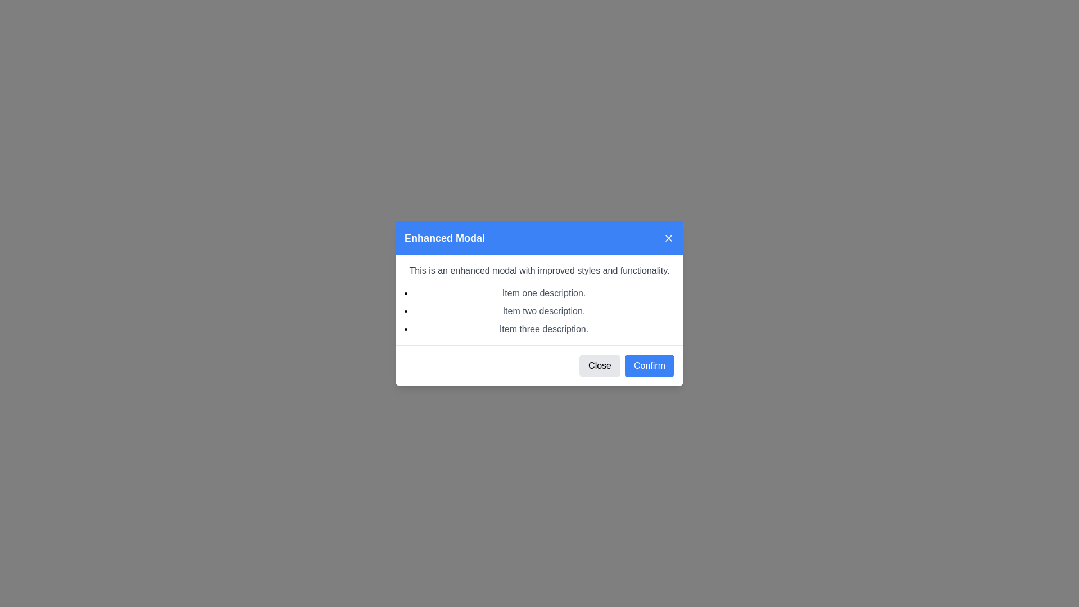 The width and height of the screenshot is (1079, 607). Describe the element at coordinates (669, 237) in the screenshot. I see `the Close button icon located on the far-right side of the blue header bar labeled 'Enhanced Modal'` at that location.